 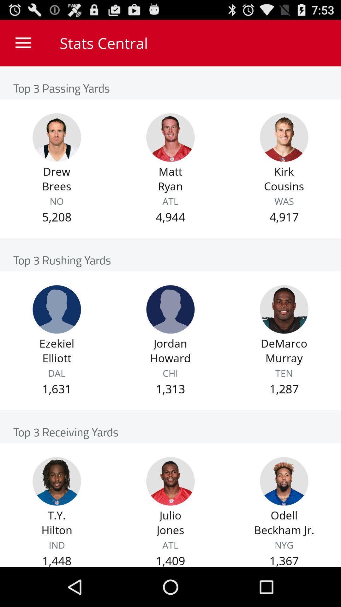 I want to click on open the selection, so click(x=170, y=309).